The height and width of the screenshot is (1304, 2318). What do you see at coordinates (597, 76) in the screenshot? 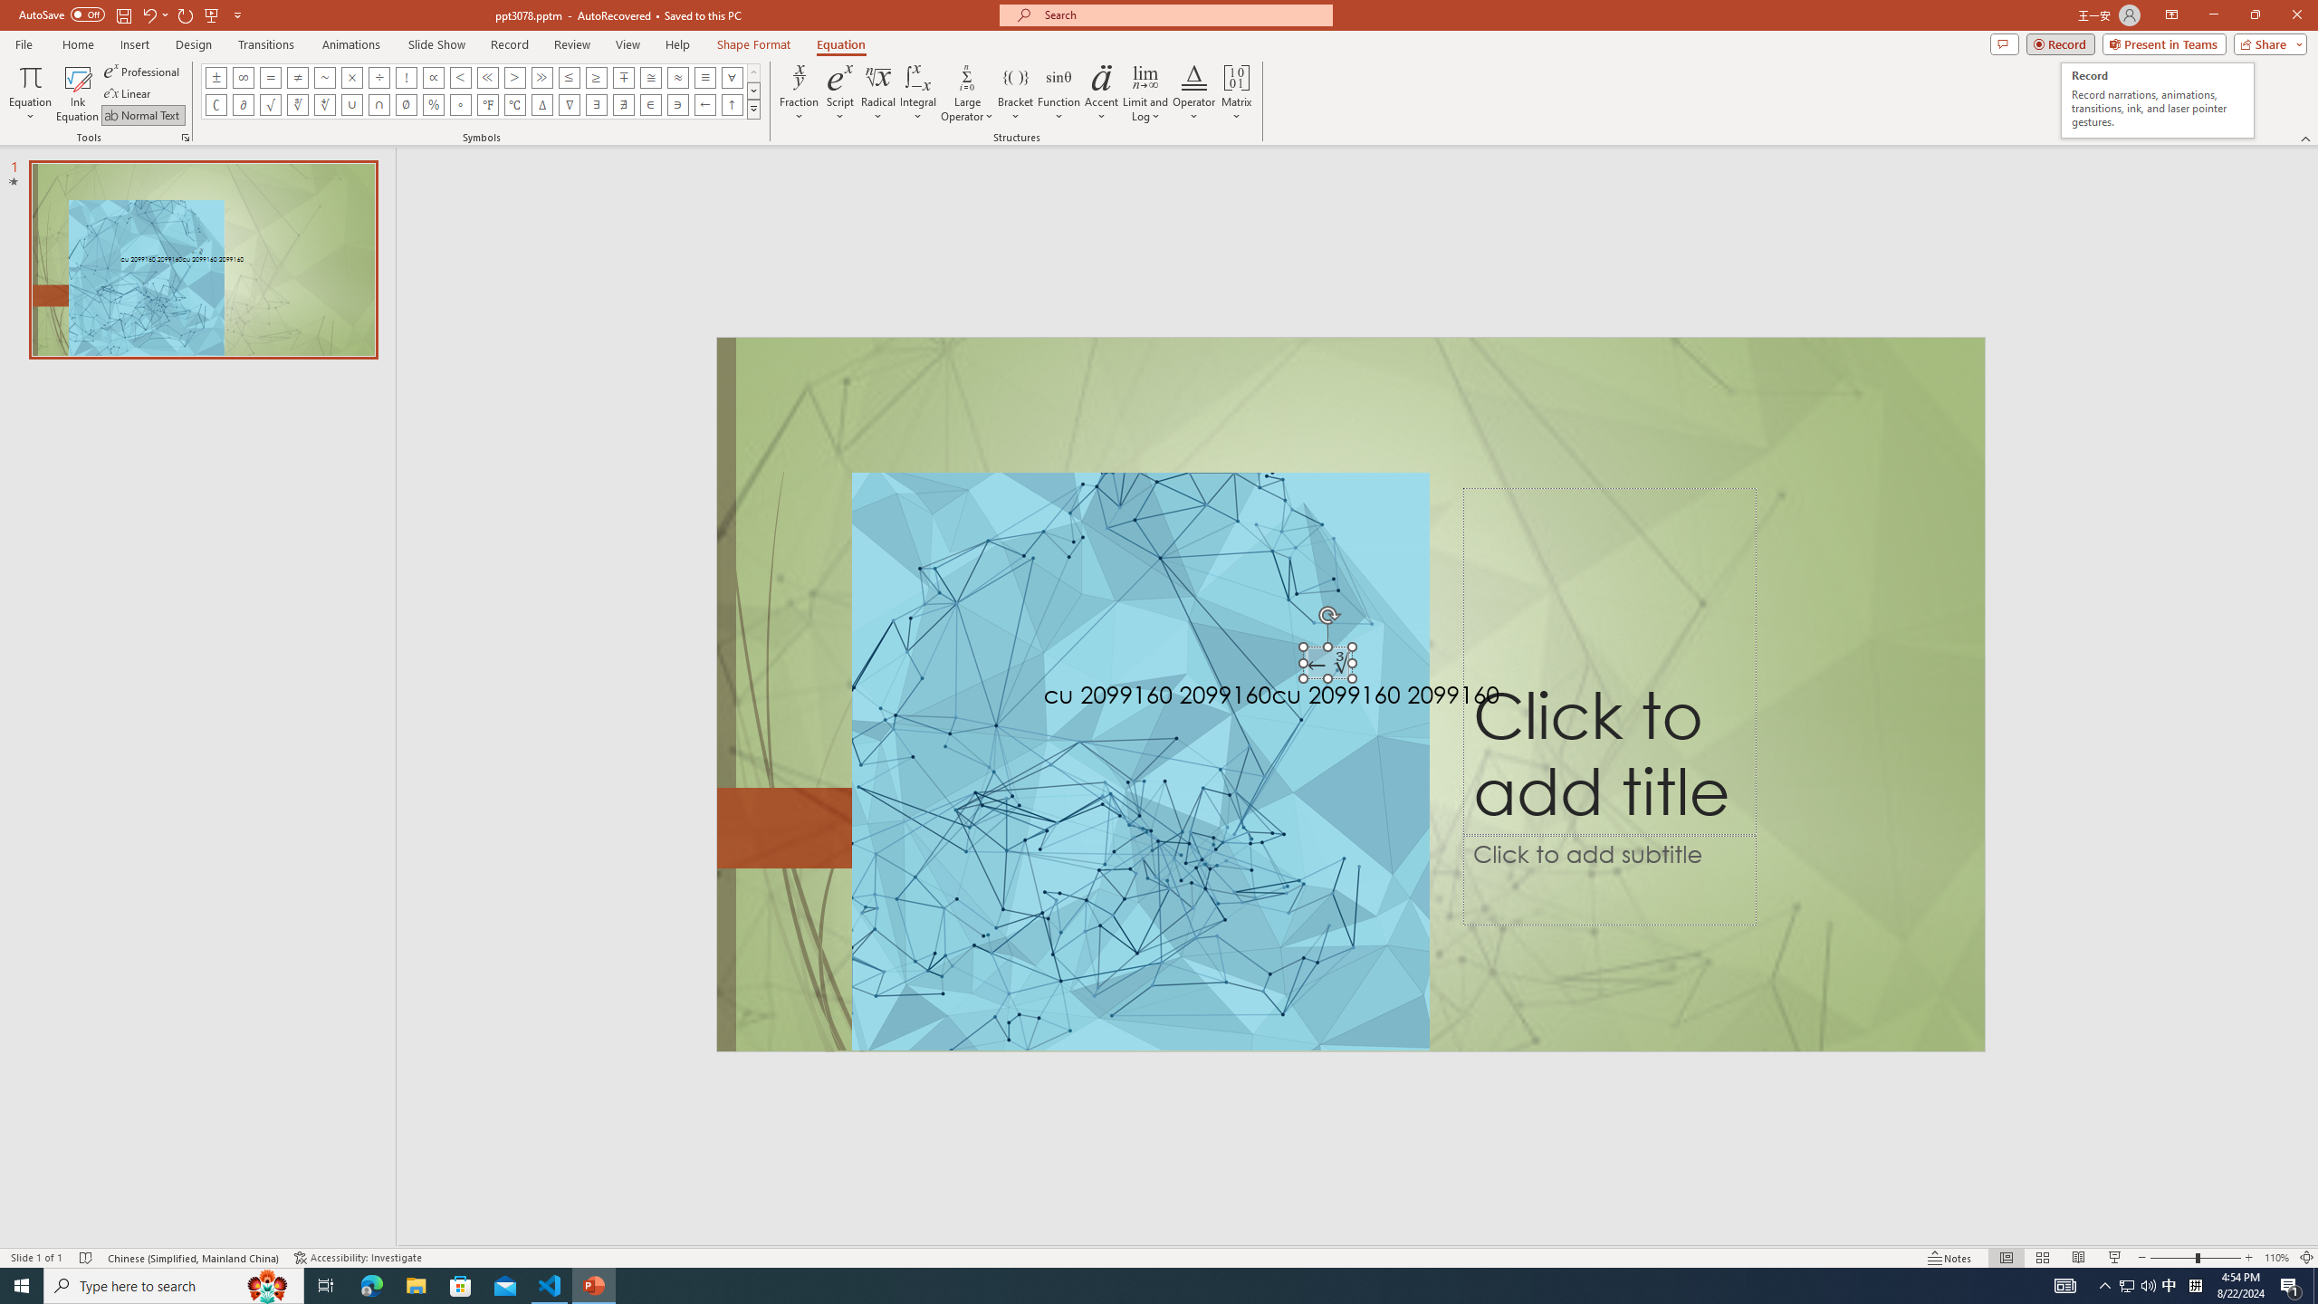
I see `'Equation Symbol Greater Than or Equal To'` at bounding box center [597, 76].